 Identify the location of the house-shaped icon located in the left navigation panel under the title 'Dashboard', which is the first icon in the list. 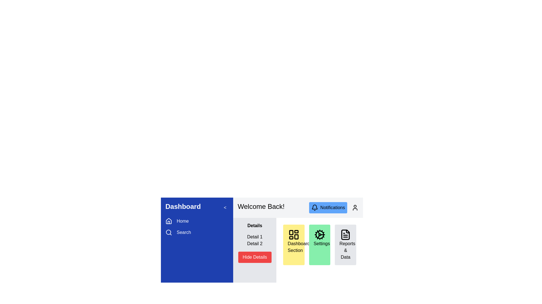
(169, 221).